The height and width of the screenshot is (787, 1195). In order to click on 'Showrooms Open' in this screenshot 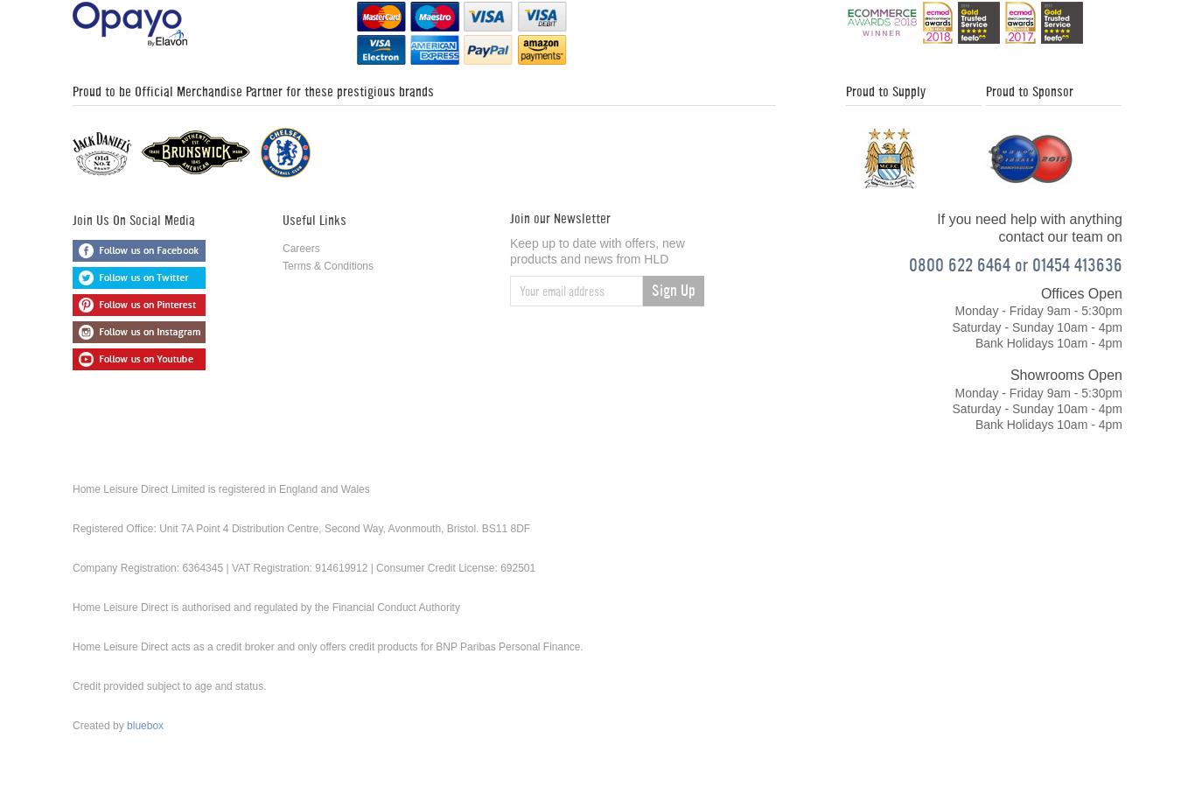, I will do `click(1009, 374)`.